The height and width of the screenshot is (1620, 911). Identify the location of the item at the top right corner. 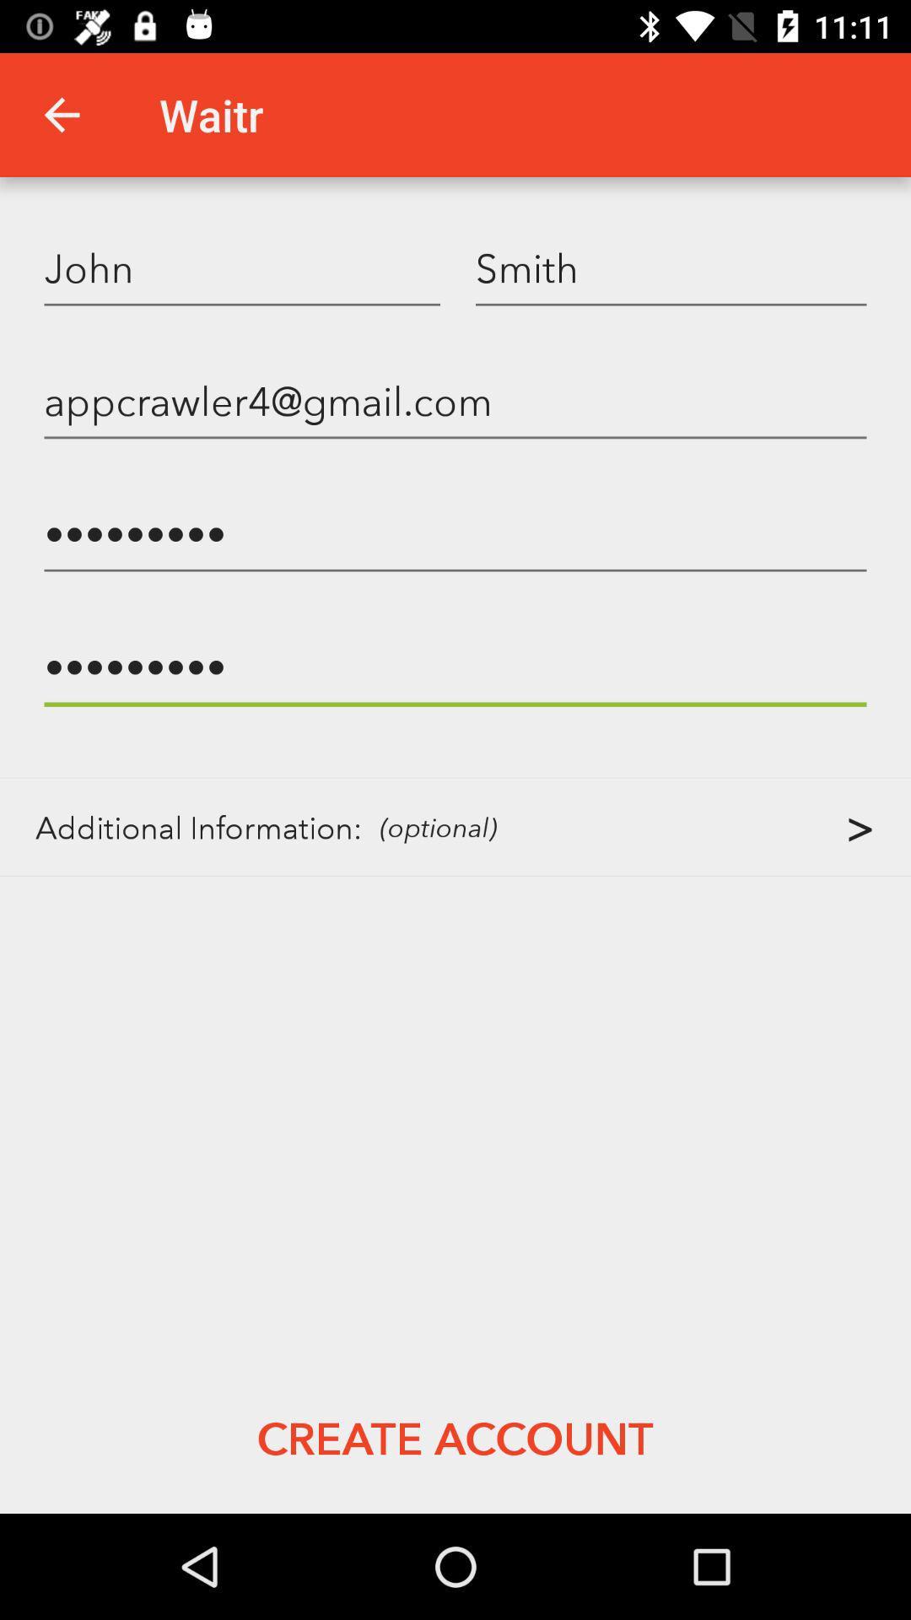
(670, 267).